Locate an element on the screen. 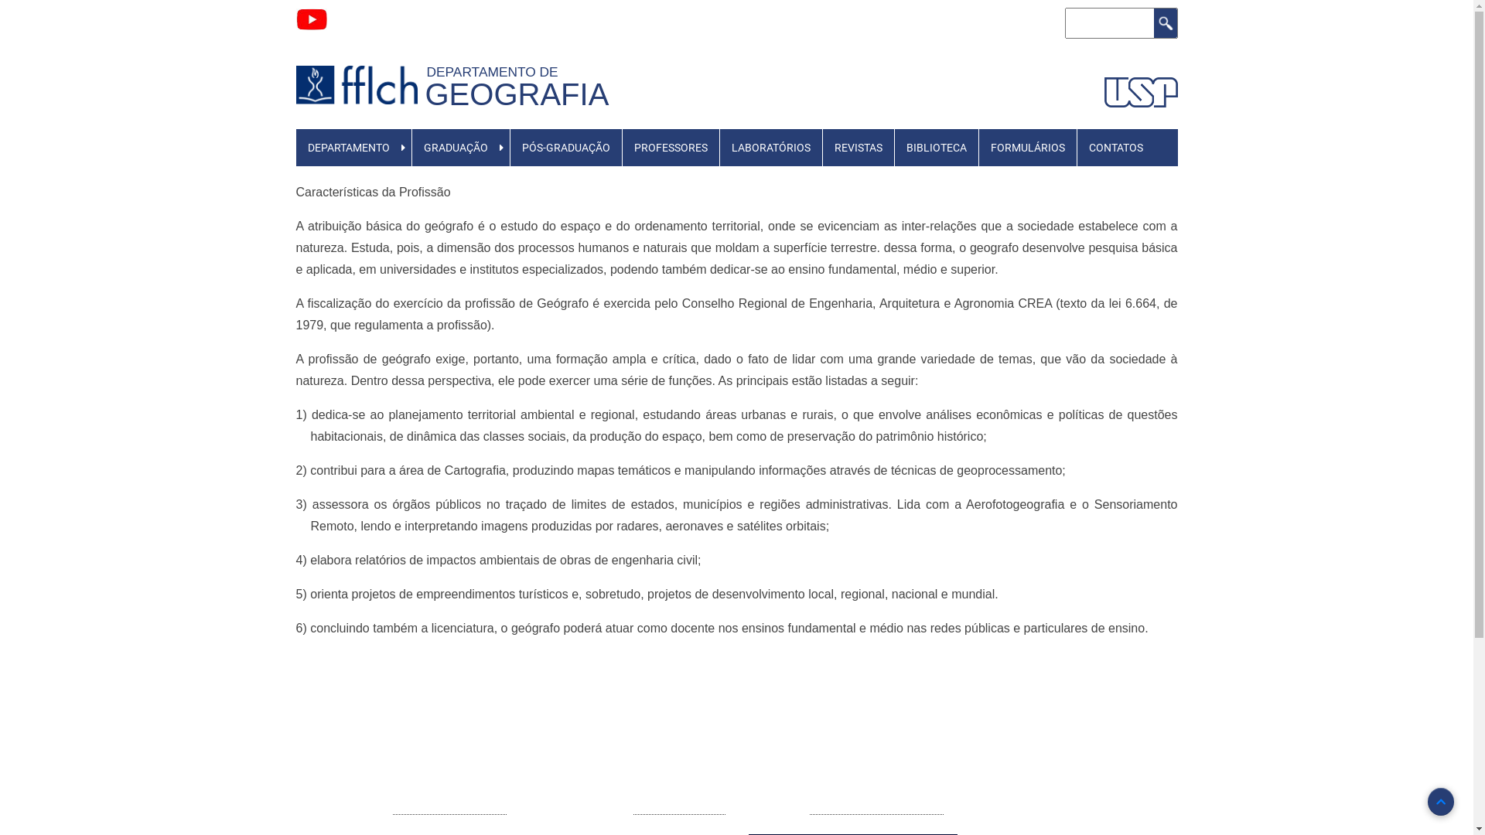 This screenshot has height=835, width=1485. 'GEOGRAFIA' is located at coordinates (425, 94).